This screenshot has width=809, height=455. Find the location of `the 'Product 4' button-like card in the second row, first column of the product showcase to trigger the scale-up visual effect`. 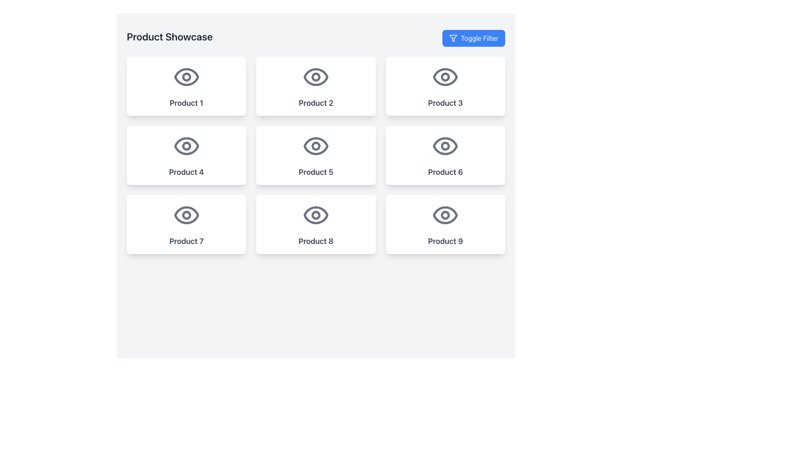

the 'Product 4' button-like card in the second row, first column of the product showcase to trigger the scale-up visual effect is located at coordinates (186, 155).